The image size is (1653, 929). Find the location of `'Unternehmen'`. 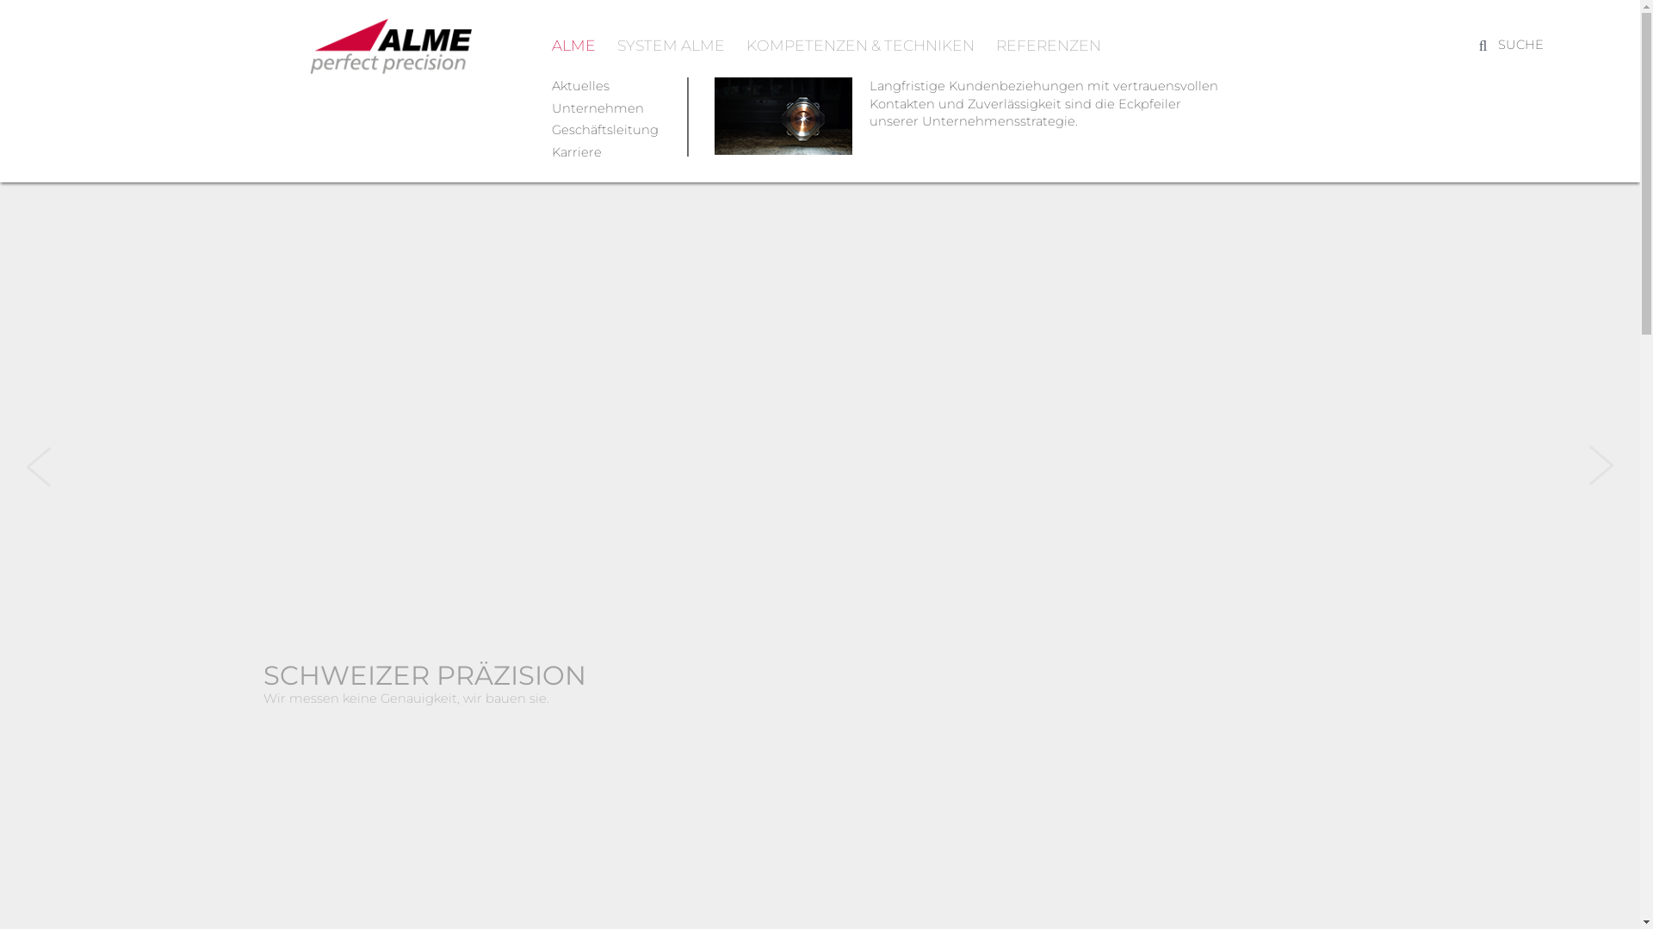

'Unternehmen' is located at coordinates (597, 108).